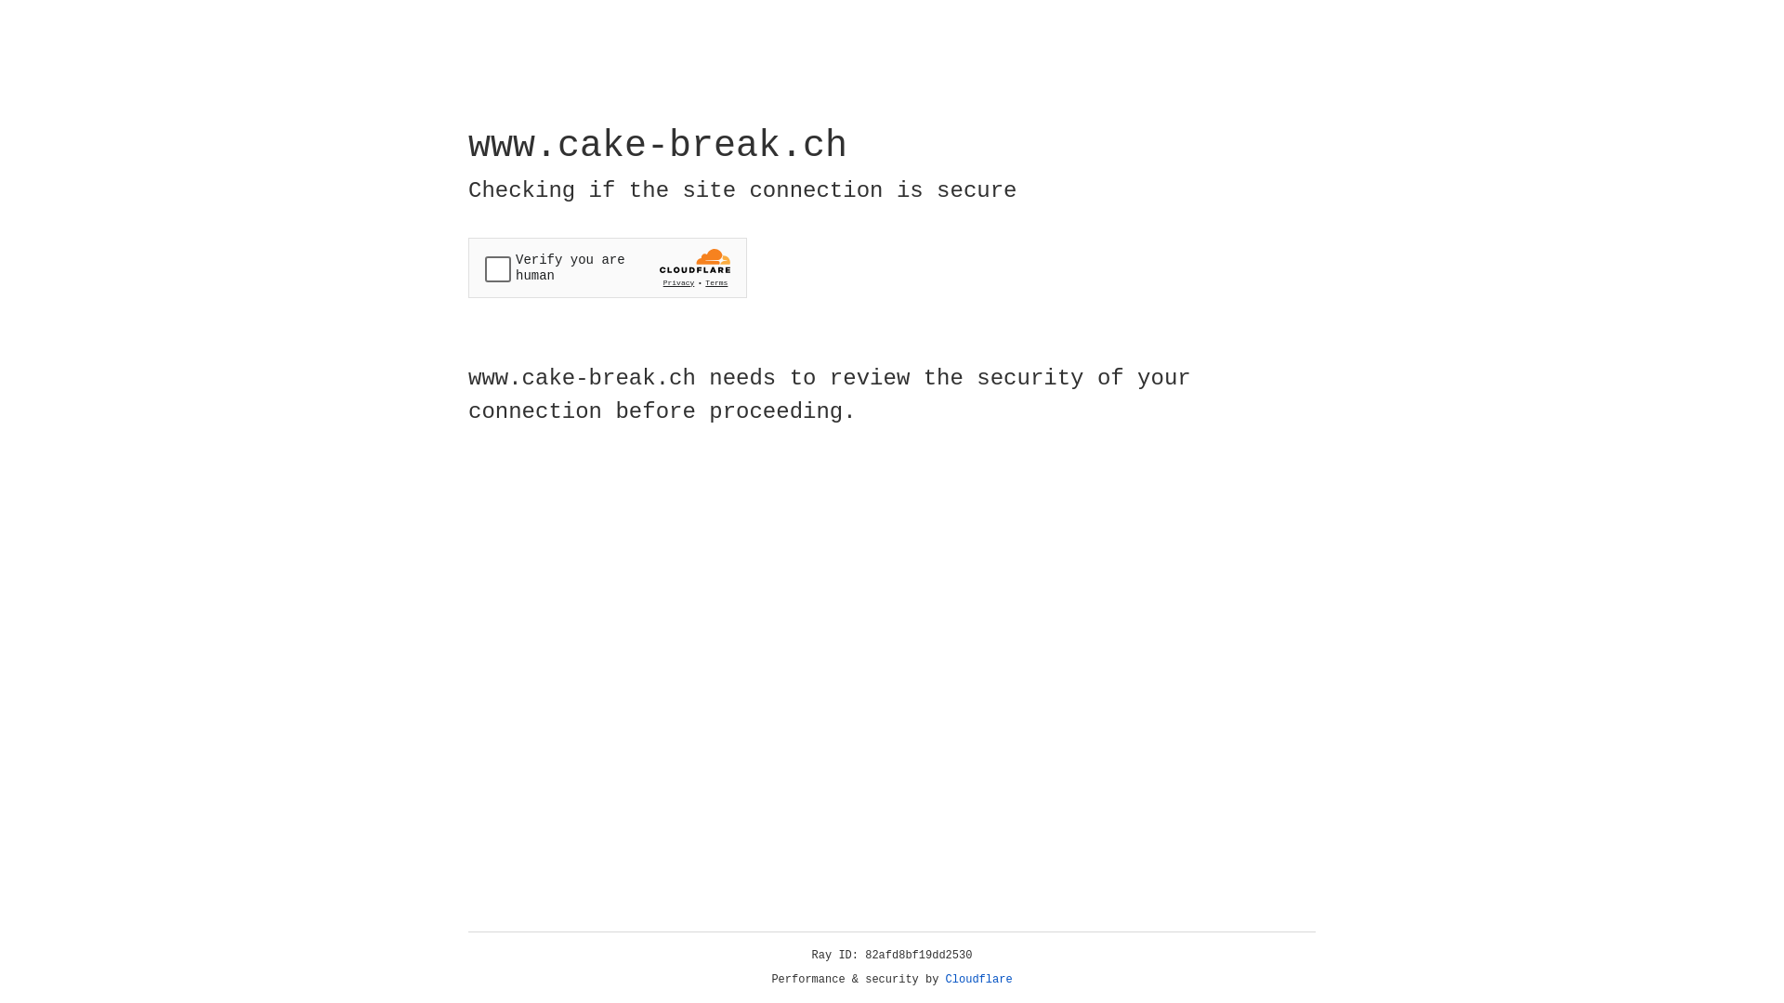 The width and height of the screenshot is (1784, 1003). Describe the element at coordinates (978, 979) in the screenshot. I see `'Cloudflare'` at that location.